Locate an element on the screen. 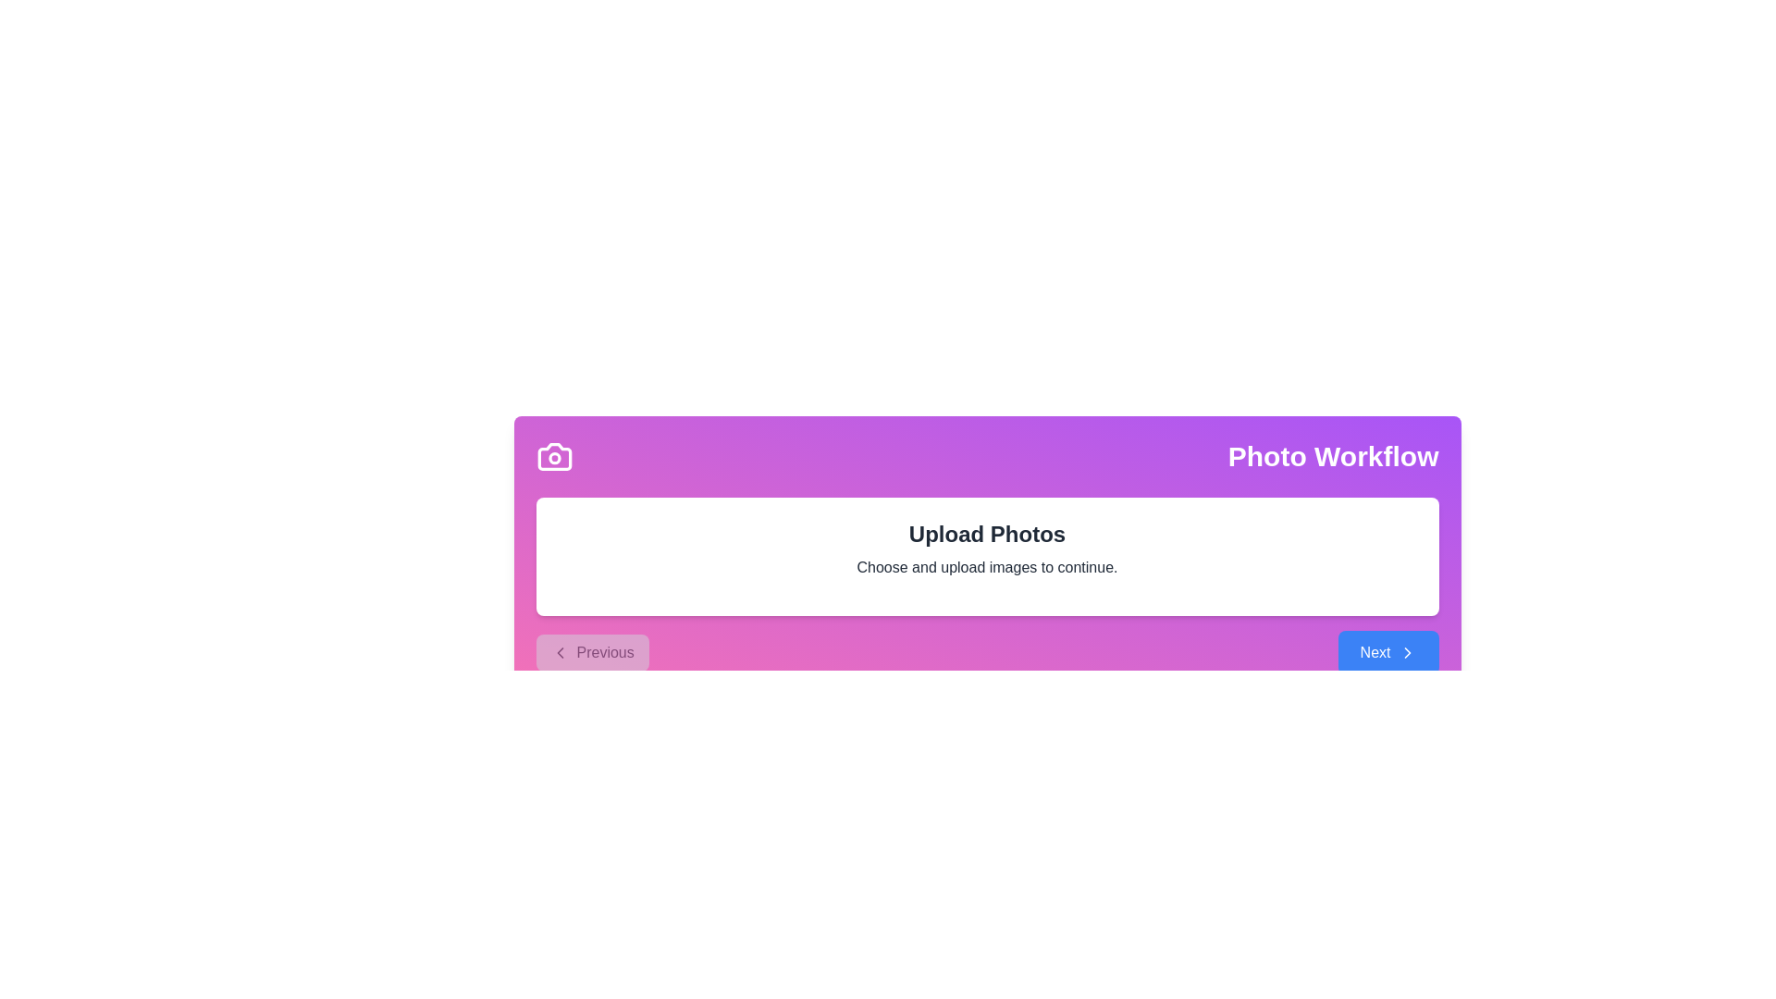  the 'Previous' navigation icon located at the bottom-left corner of the card's content area is located at coordinates (559, 651).